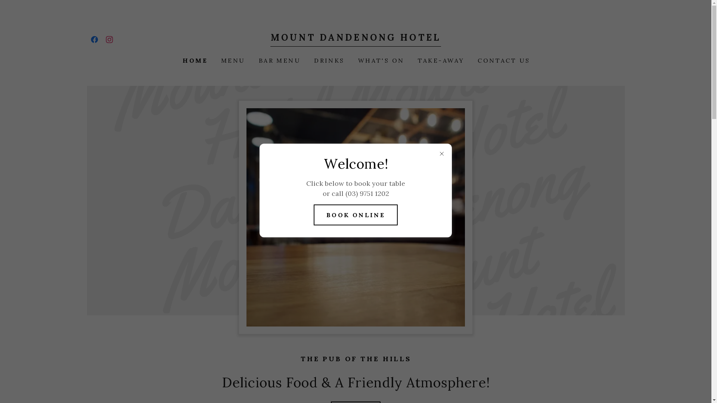  What do you see at coordinates (503, 60) in the screenshot?
I see `'CONTACT US'` at bounding box center [503, 60].